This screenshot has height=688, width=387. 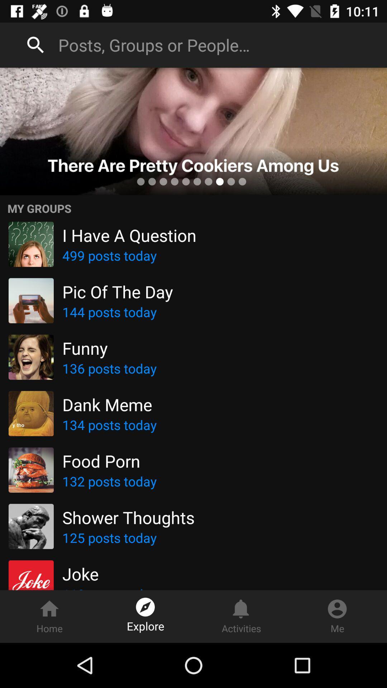 I want to click on the picture left to shower thoughts, so click(x=31, y=526).